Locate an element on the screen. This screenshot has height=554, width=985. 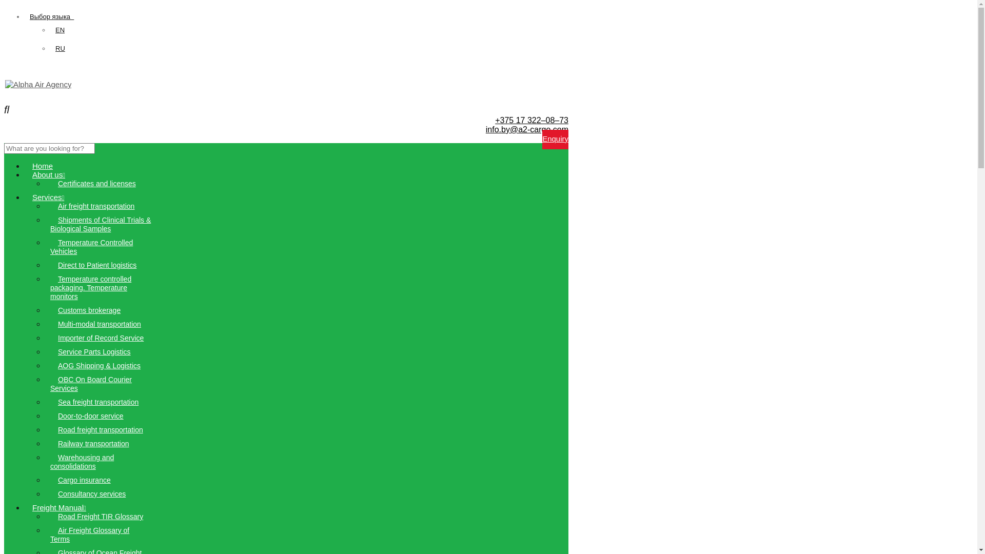
'Service Parts Logistics' is located at coordinates (94, 351).